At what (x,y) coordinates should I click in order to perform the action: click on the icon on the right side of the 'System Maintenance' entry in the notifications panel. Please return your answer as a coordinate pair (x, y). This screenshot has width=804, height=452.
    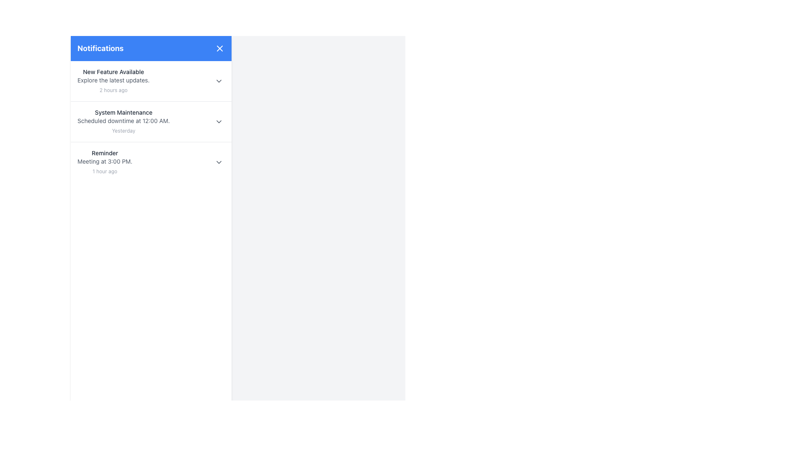
    Looking at the image, I should click on (219, 121).